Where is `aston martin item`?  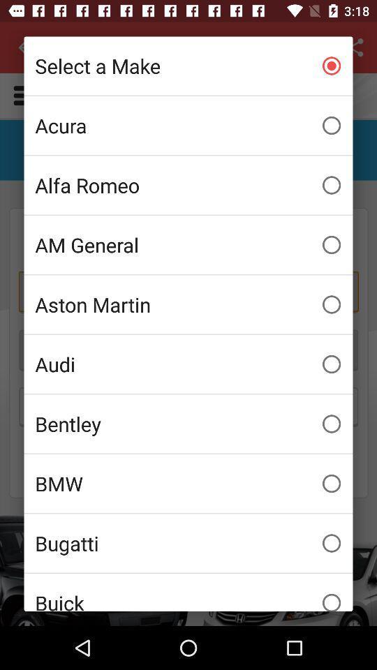 aston martin item is located at coordinates (188, 304).